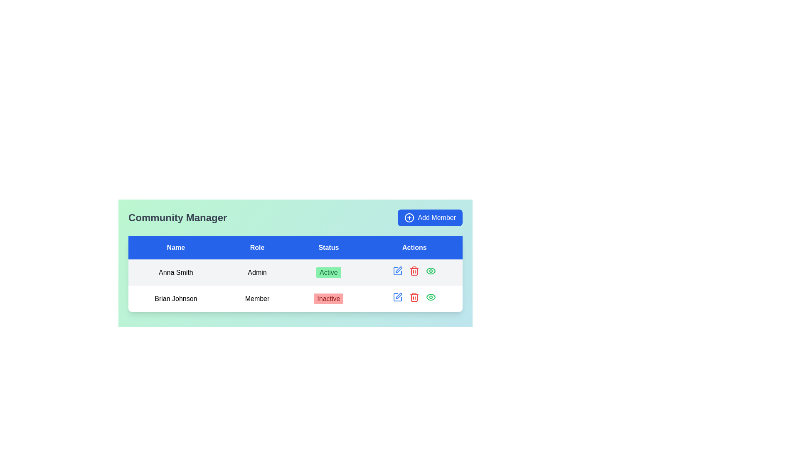 The image size is (798, 449). What do you see at coordinates (431, 296) in the screenshot?
I see `the eye icon located in the 'Actions' column of the second row in the user management table` at bounding box center [431, 296].